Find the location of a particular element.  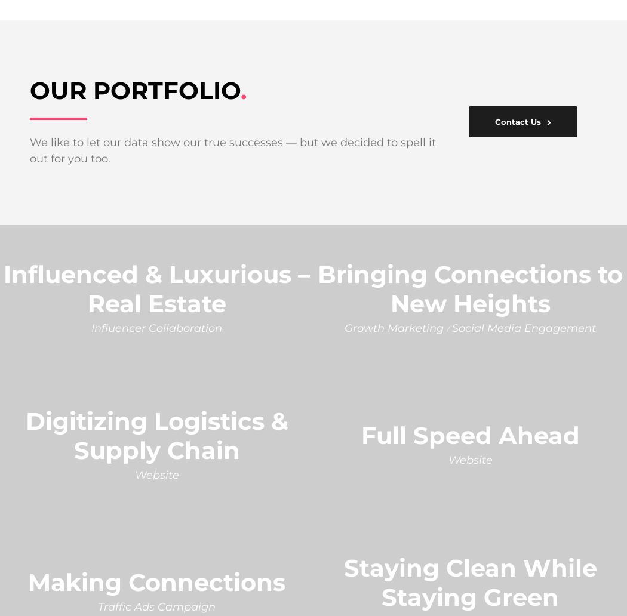

'Contact Us' is located at coordinates (517, 120).